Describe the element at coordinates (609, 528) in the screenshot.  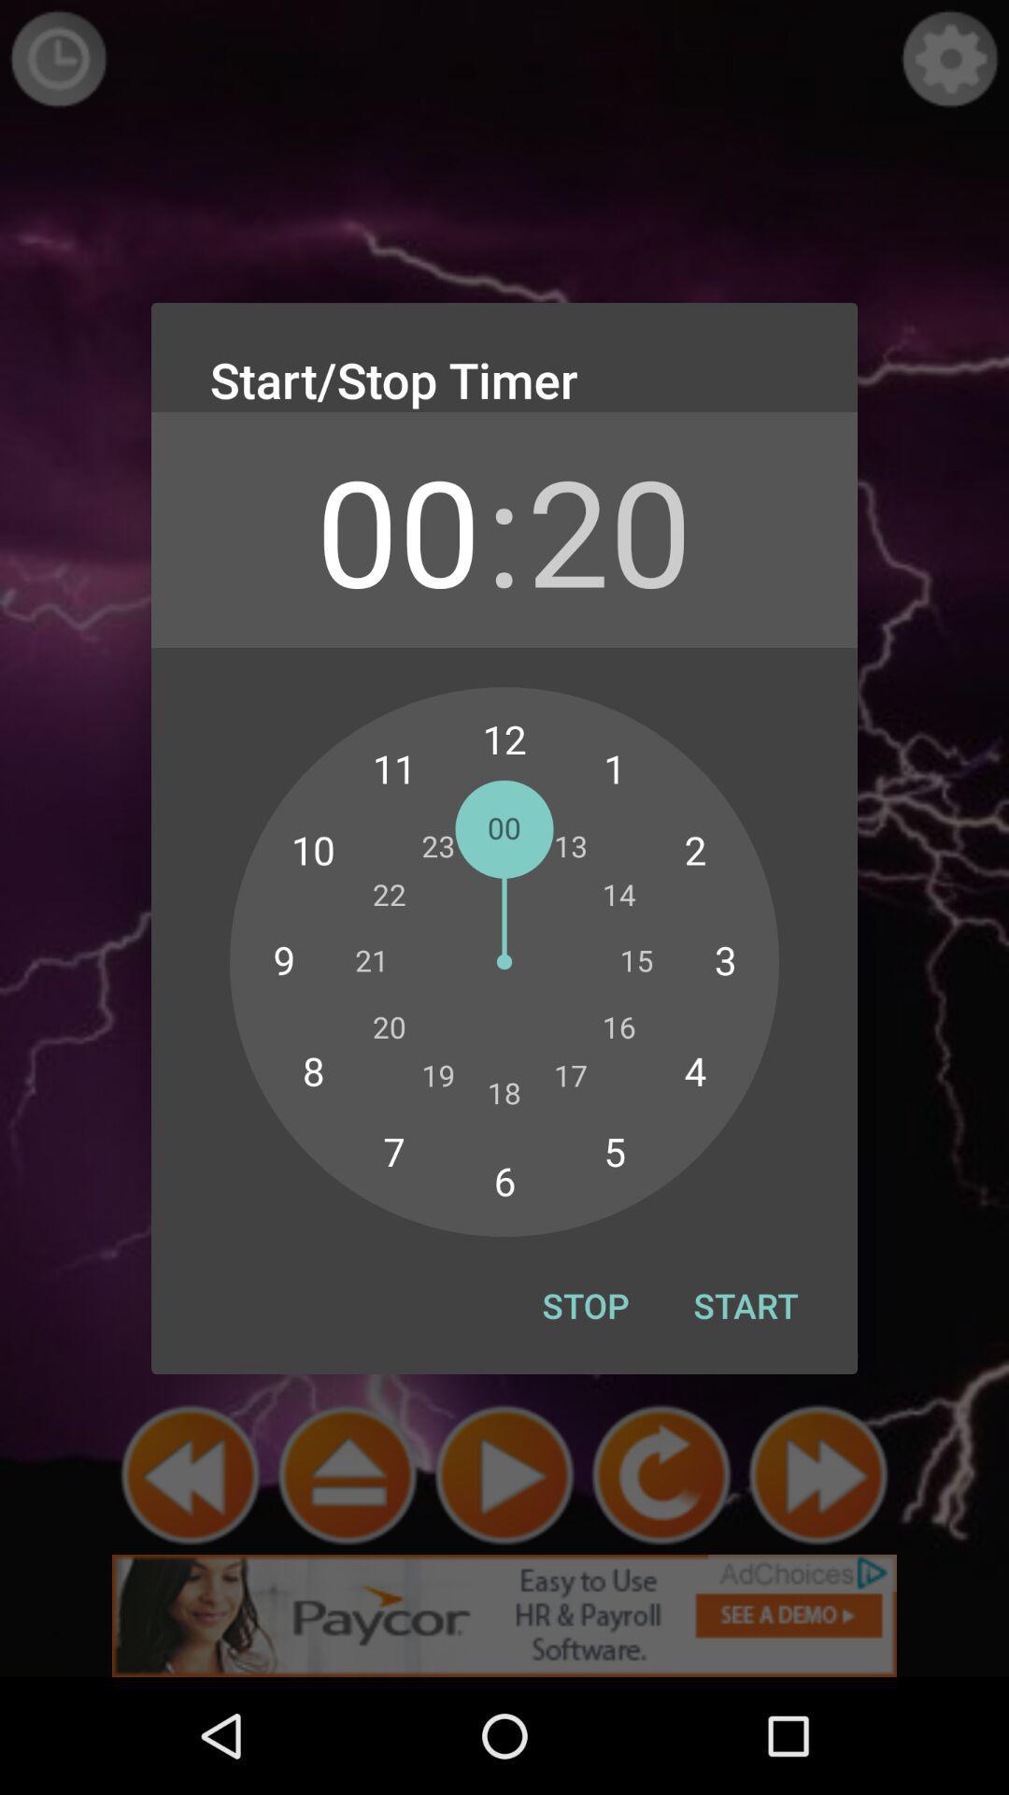
I see `the item below start/stop timer icon` at that location.